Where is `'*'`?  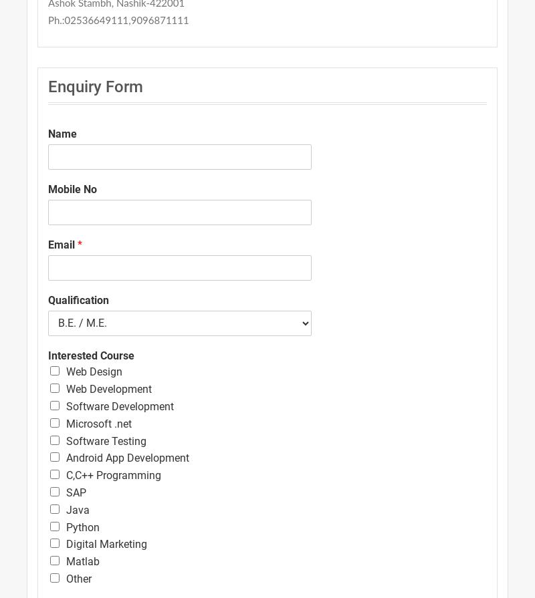 '*' is located at coordinates (79, 245).